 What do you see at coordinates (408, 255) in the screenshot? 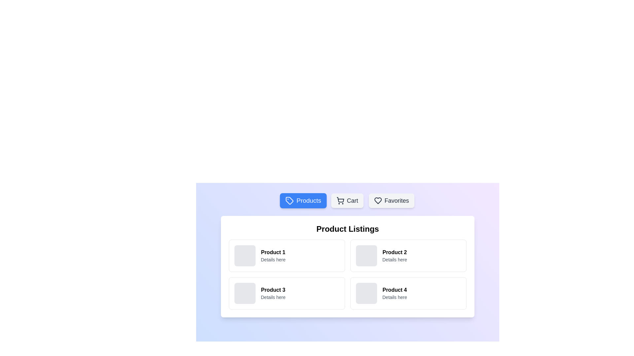
I see `the Informational card component labeled 'Product 2' located in the first row and second column of the grid layout` at bounding box center [408, 255].